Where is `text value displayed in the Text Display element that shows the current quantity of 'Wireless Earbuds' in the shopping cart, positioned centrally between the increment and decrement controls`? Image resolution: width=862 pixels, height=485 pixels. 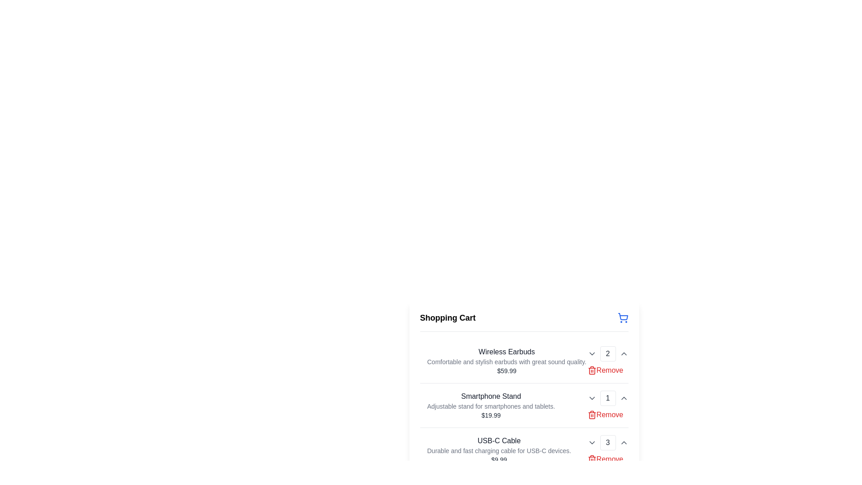 text value displayed in the Text Display element that shows the current quantity of 'Wireless Earbuds' in the shopping cart, positioned centrally between the increment and decrement controls is located at coordinates (607, 353).